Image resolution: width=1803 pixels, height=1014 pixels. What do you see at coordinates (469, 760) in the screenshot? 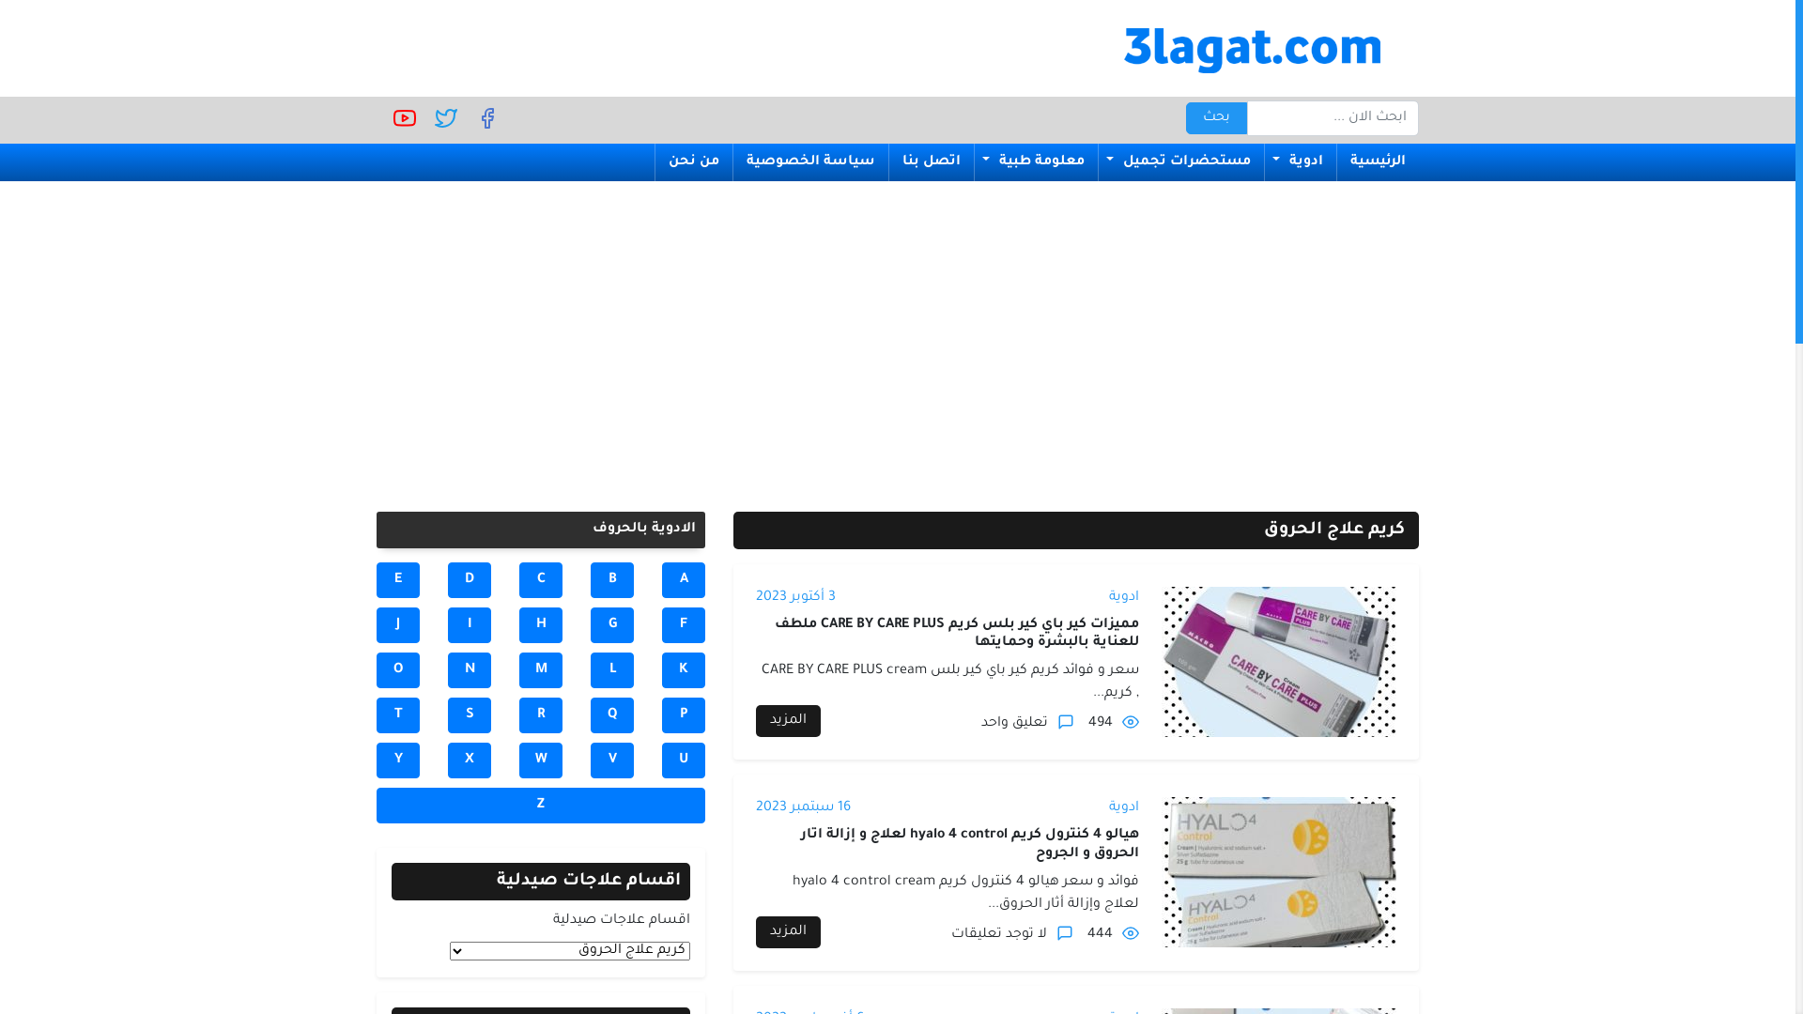
I see `'X'` at bounding box center [469, 760].